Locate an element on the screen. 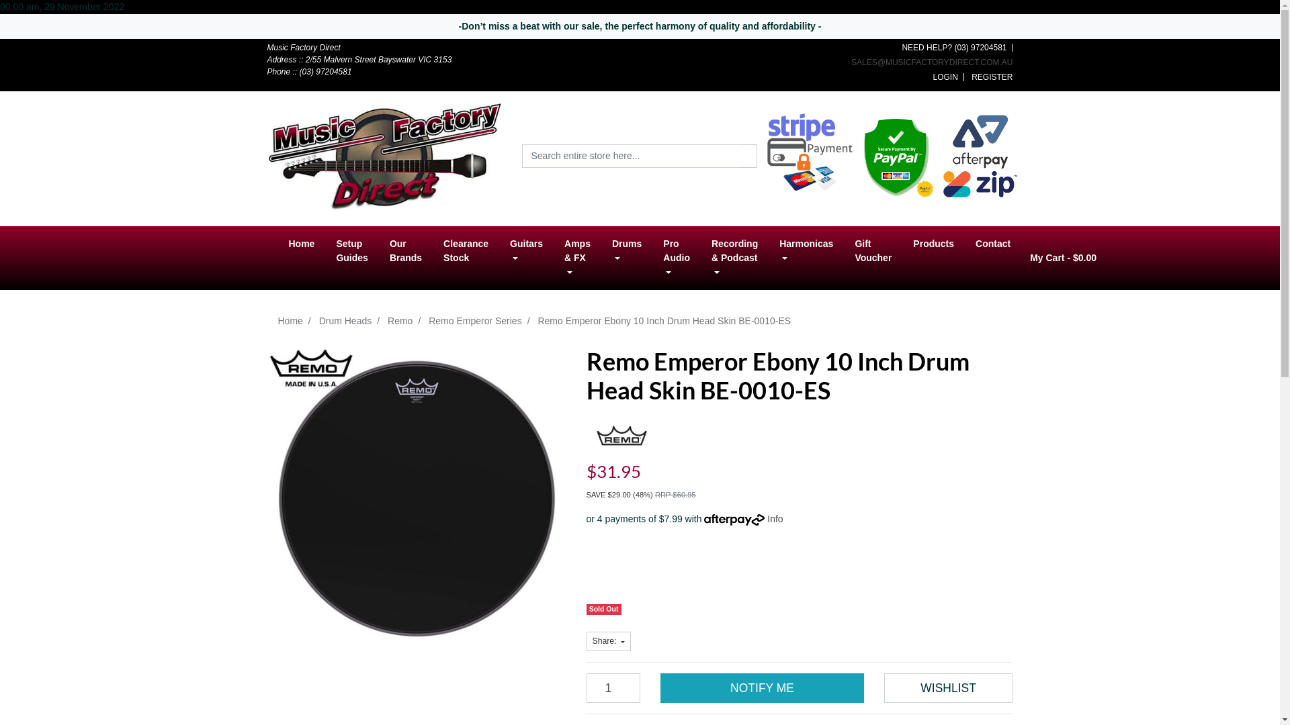 This screenshot has width=1290, height=725. 'Clearance Stock' is located at coordinates (466, 251).